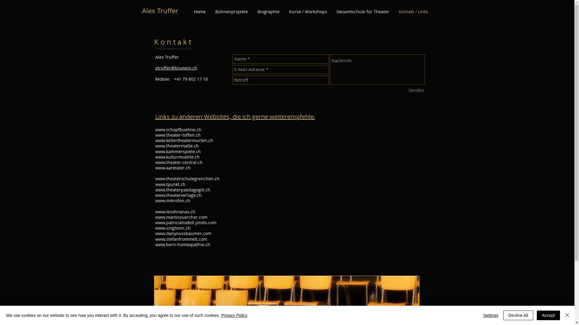 This screenshot has width=579, height=325. I want to click on 'Ale', so click(141, 11).